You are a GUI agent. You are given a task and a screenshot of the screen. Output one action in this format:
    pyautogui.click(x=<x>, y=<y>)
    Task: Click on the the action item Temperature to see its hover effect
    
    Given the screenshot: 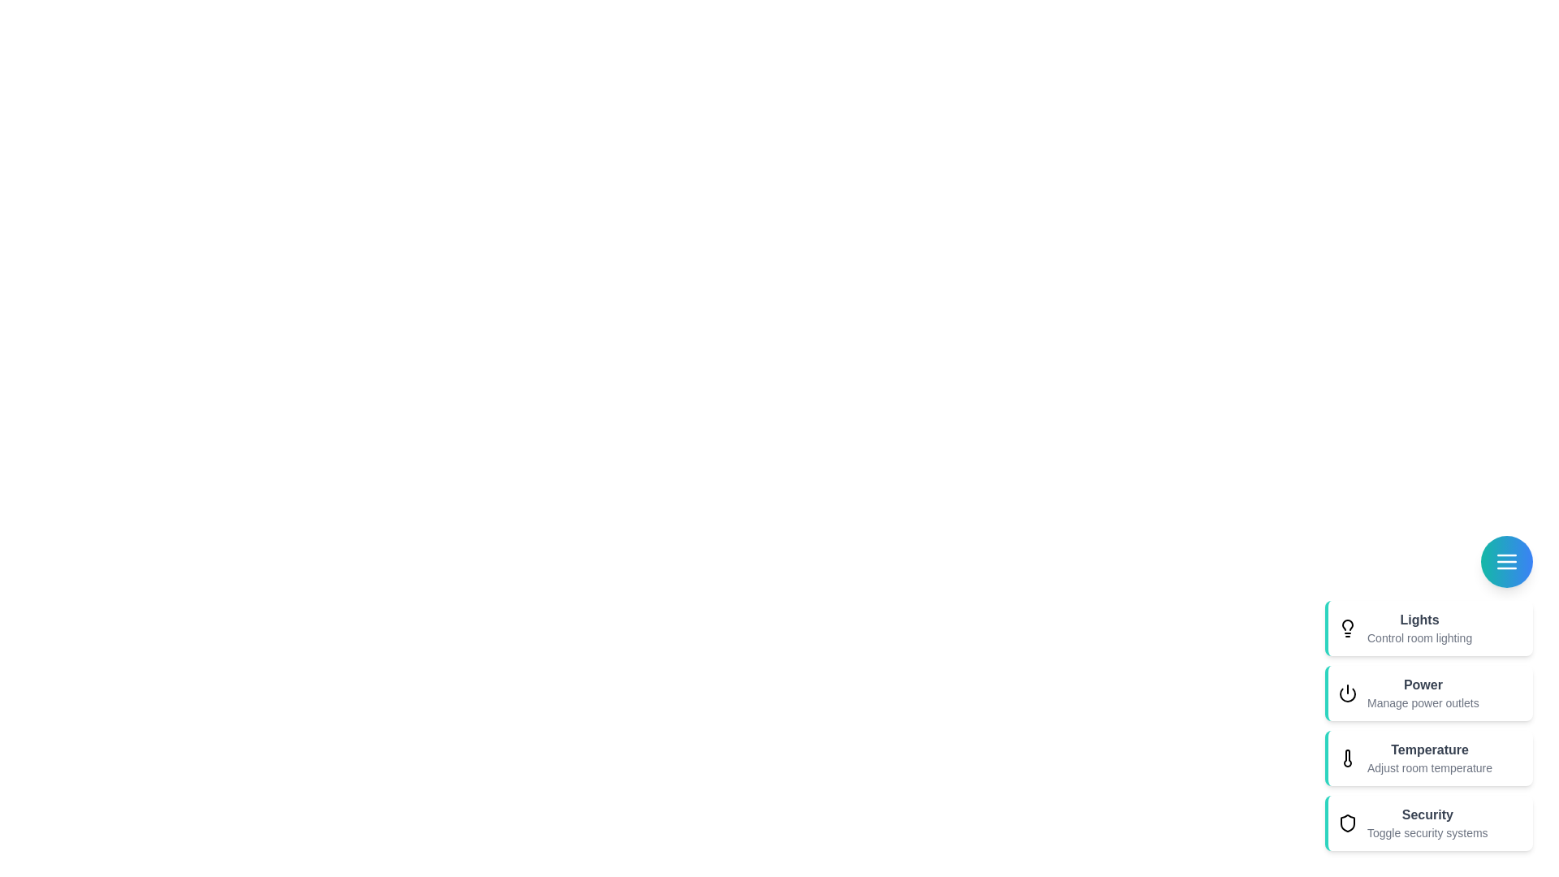 What is the action you would take?
    pyautogui.click(x=1430, y=758)
    